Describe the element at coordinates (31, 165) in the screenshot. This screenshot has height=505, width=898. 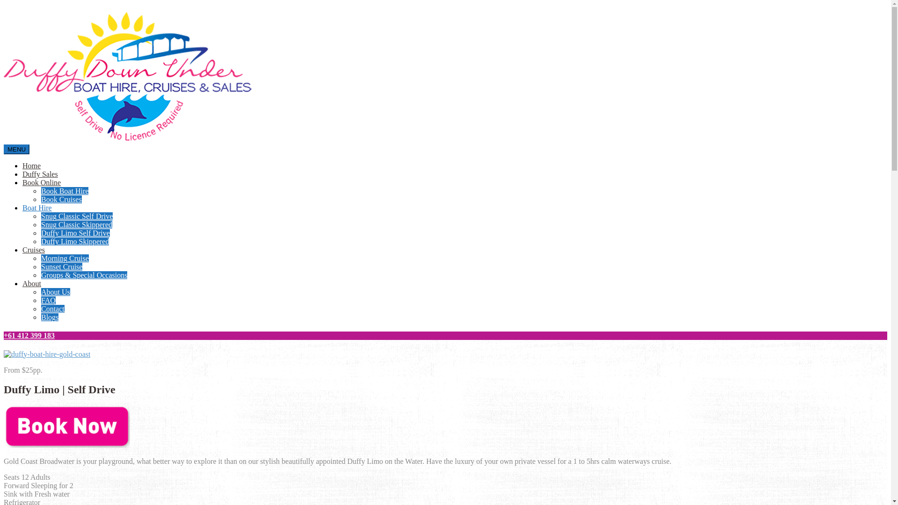
I see `'Home'` at that location.